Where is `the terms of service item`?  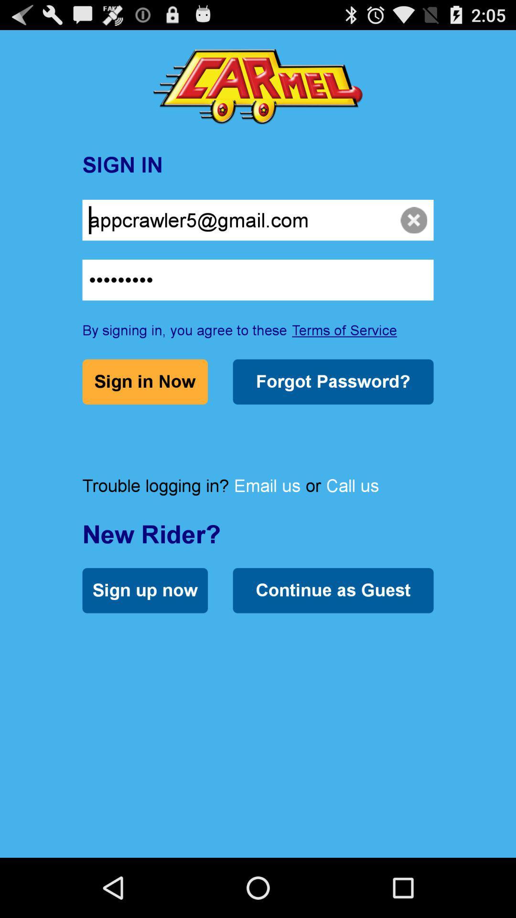
the terms of service item is located at coordinates (344, 330).